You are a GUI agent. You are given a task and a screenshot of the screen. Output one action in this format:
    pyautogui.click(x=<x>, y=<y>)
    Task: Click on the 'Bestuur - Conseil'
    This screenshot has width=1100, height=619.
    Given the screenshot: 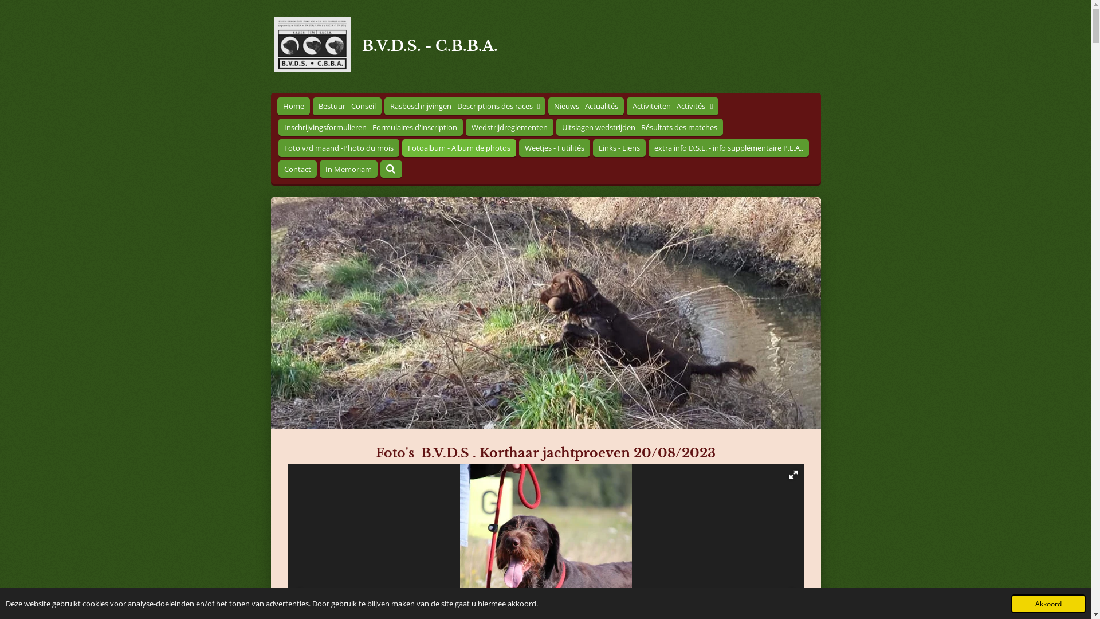 What is the action you would take?
    pyautogui.click(x=313, y=106)
    